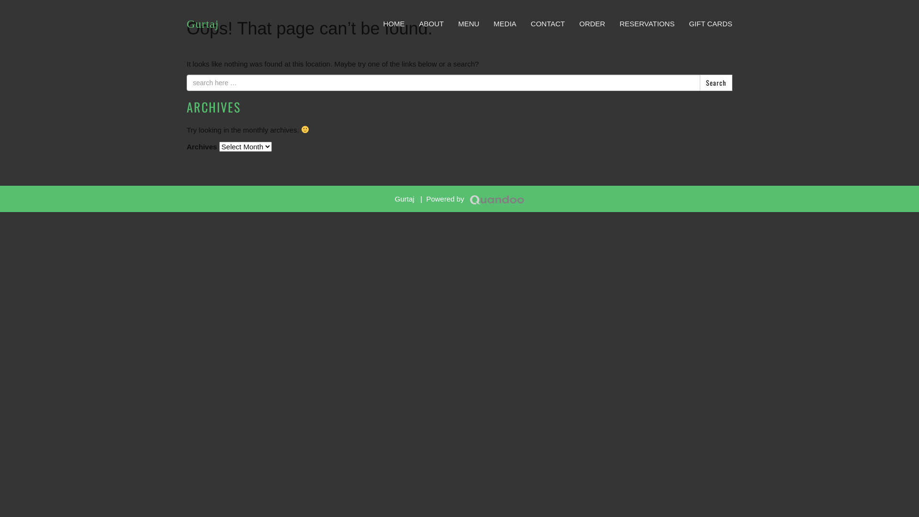 Image resolution: width=919 pixels, height=517 pixels. What do you see at coordinates (710, 23) in the screenshot?
I see `'GIFT CARDS'` at bounding box center [710, 23].